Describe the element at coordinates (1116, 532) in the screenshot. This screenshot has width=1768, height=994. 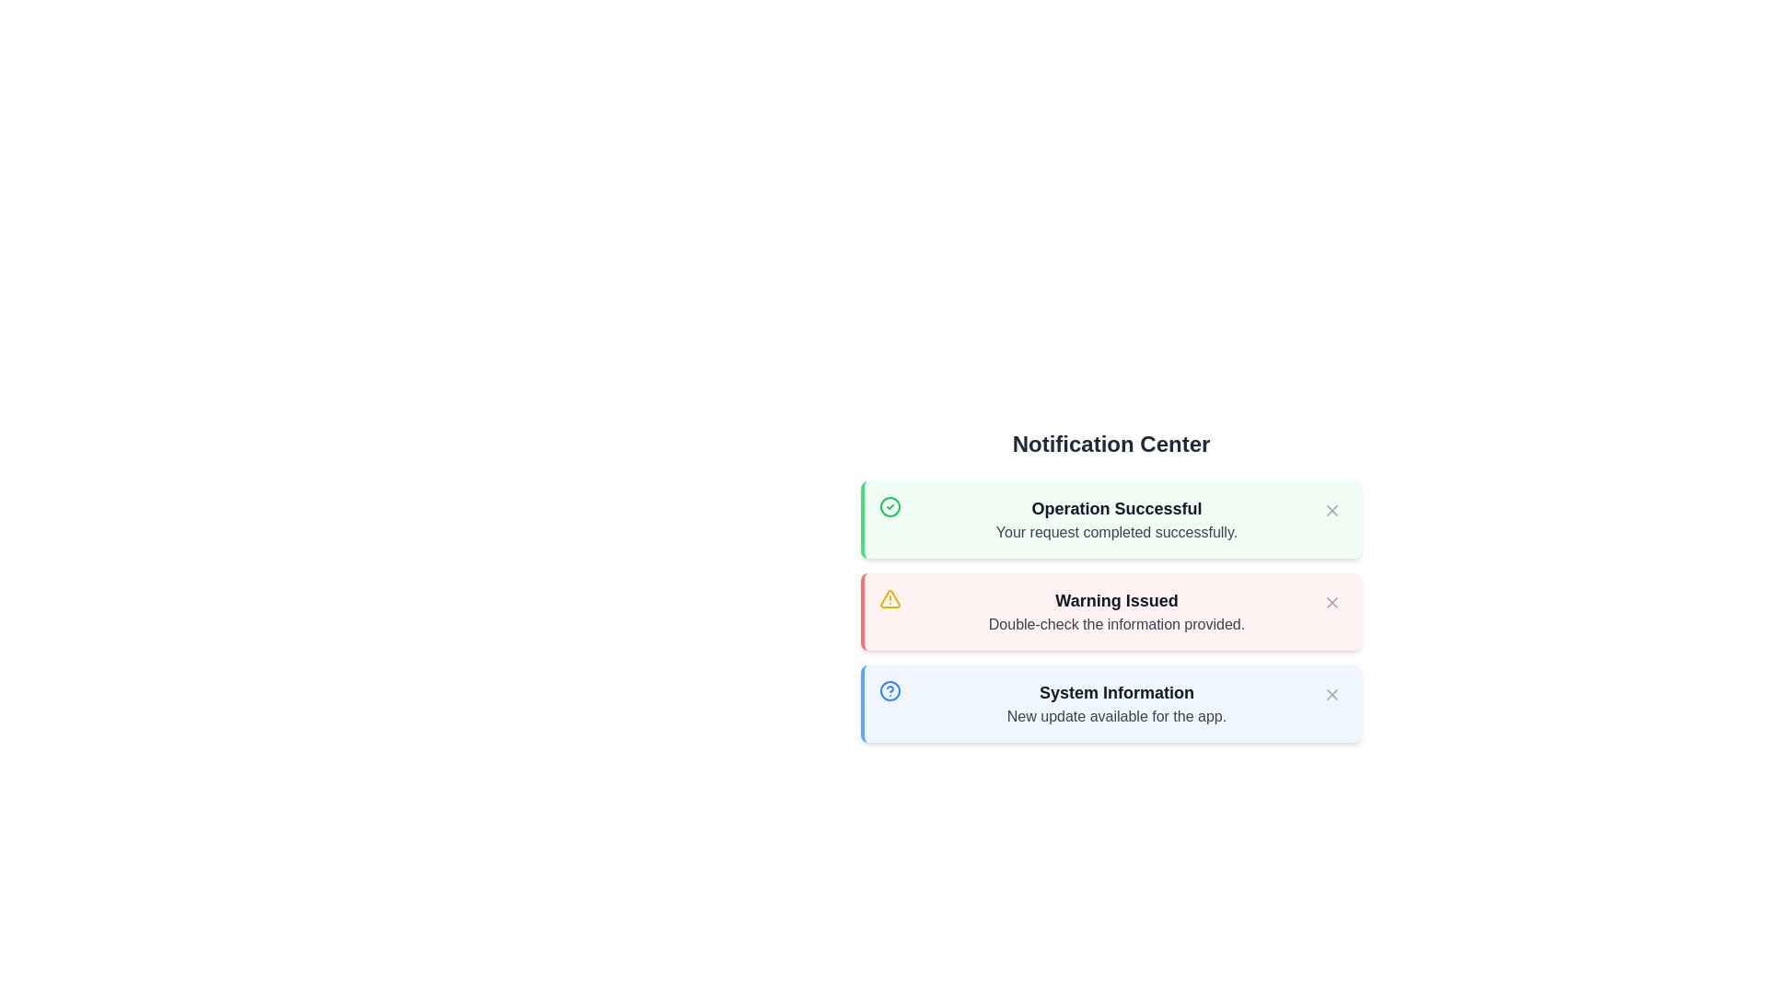
I see `the text label styled in gray that indicates a successful operation, located within the notification card titled 'Operation Successful'` at that location.